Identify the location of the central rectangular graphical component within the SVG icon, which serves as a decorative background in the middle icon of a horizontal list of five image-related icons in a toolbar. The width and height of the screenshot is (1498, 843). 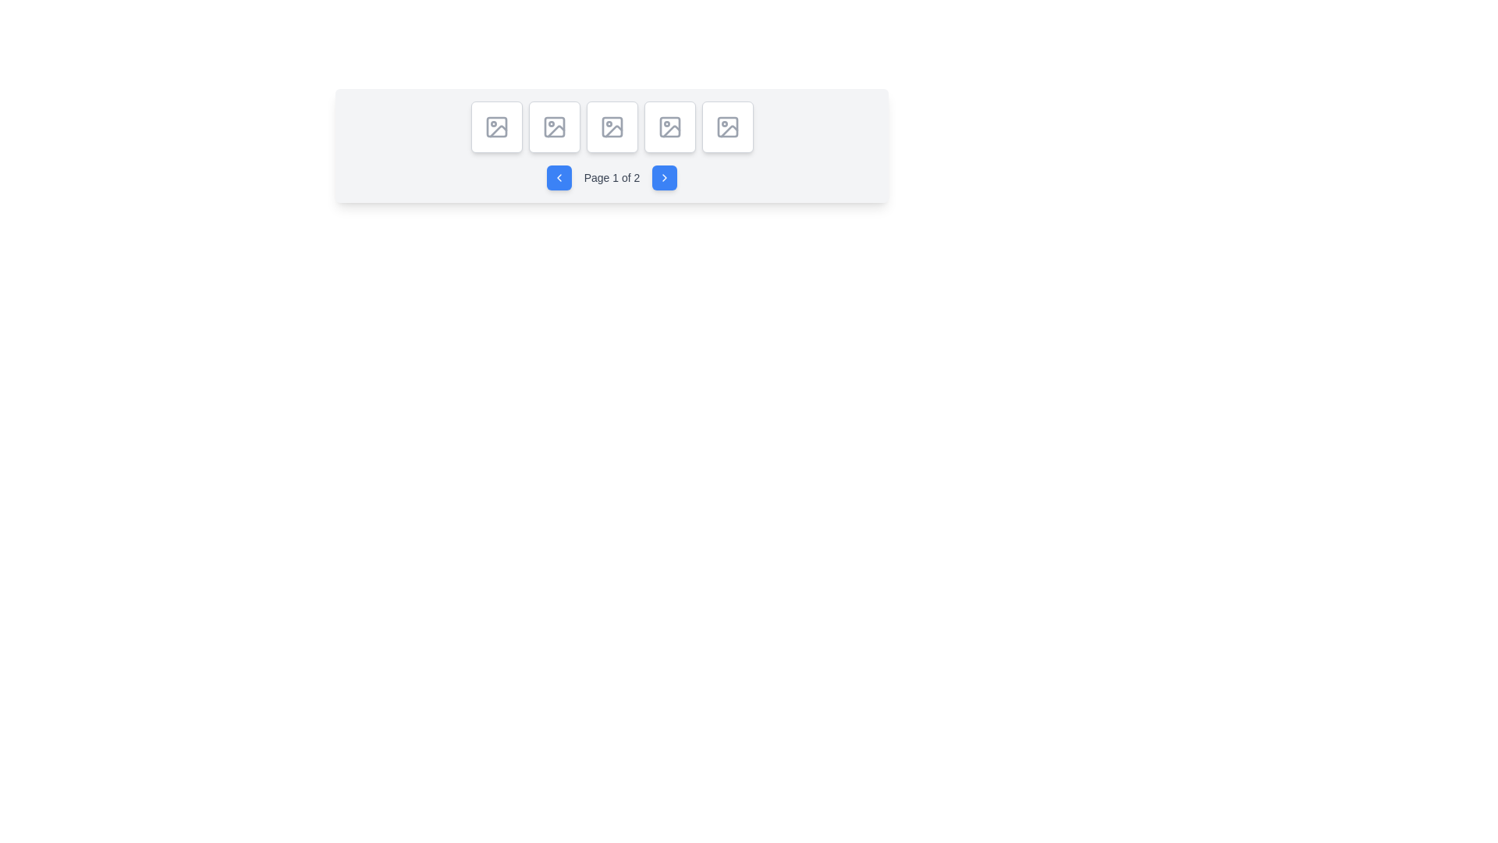
(611, 126).